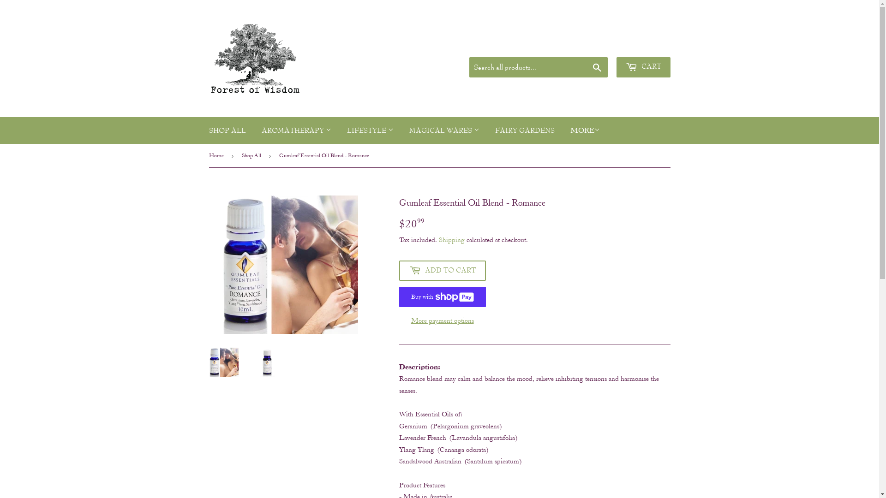  I want to click on 'Search', so click(597, 67).